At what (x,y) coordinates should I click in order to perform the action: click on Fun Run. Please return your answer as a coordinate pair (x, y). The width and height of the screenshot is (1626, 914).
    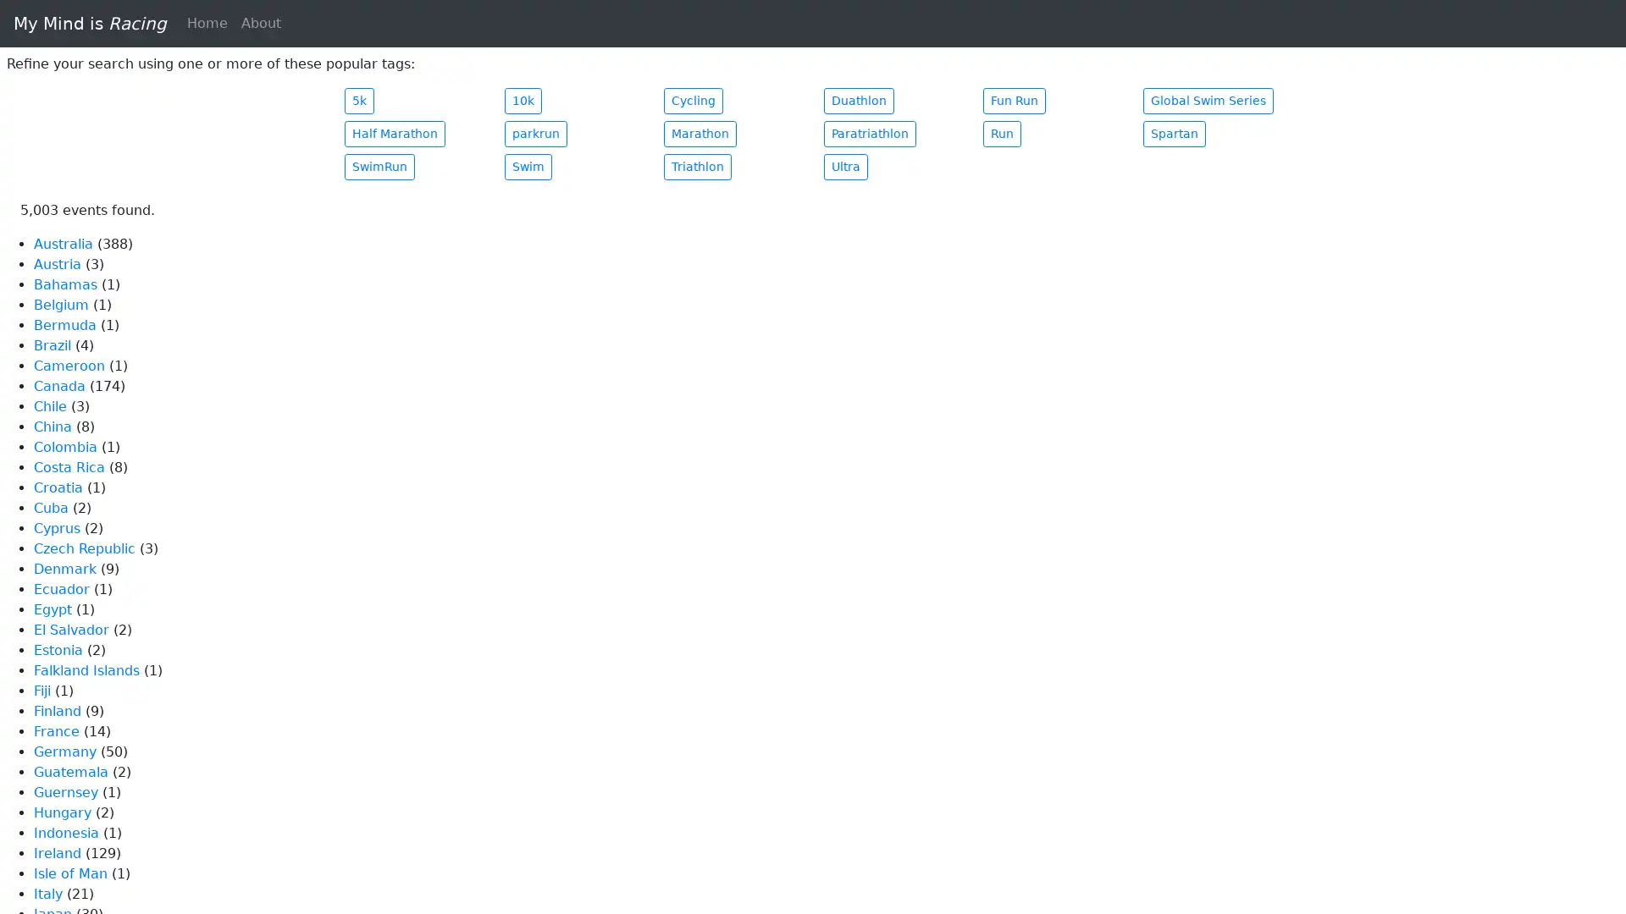
    Looking at the image, I should click on (1015, 101).